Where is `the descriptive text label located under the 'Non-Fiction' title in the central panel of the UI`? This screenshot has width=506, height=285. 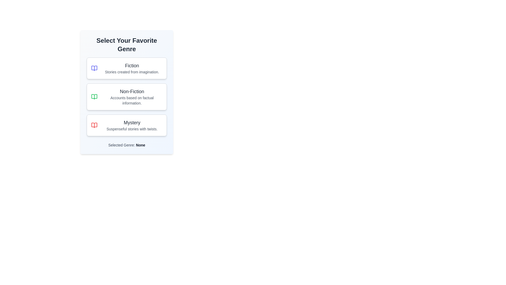 the descriptive text label located under the 'Non-Fiction' title in the central panel of the UI is located at coordinates (132, 101).